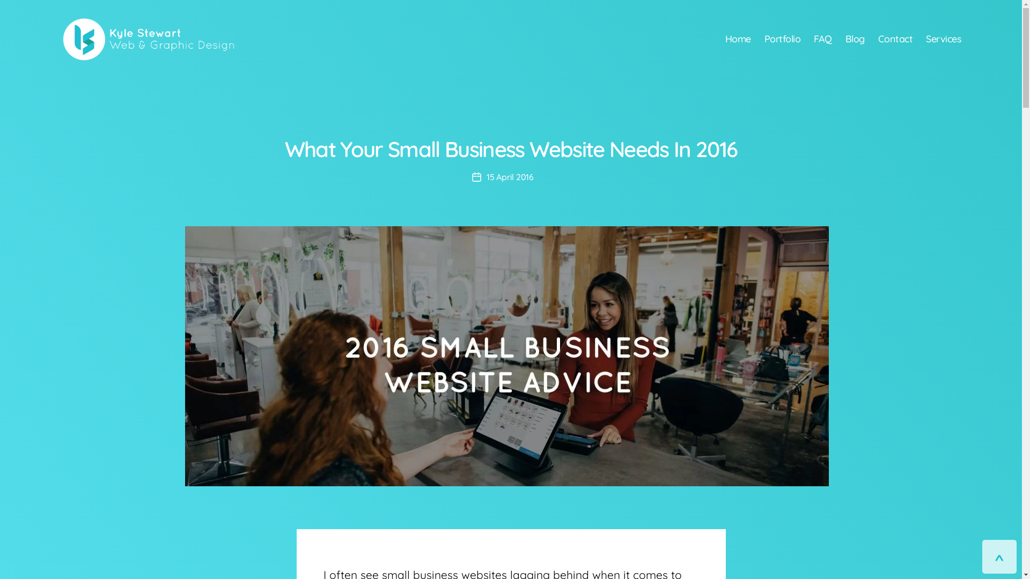 The width and height of the screenshot is (1030, 579). I want to click on 'Home', so click(738, 39).